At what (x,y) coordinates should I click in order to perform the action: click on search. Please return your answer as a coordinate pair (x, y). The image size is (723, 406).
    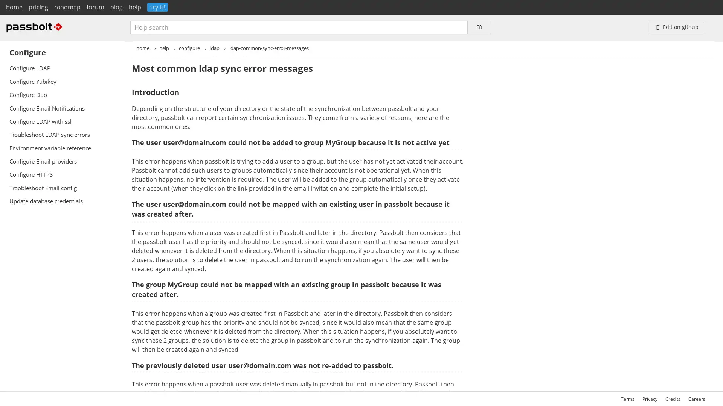
    Looking at the image, I should click on (479, 27).